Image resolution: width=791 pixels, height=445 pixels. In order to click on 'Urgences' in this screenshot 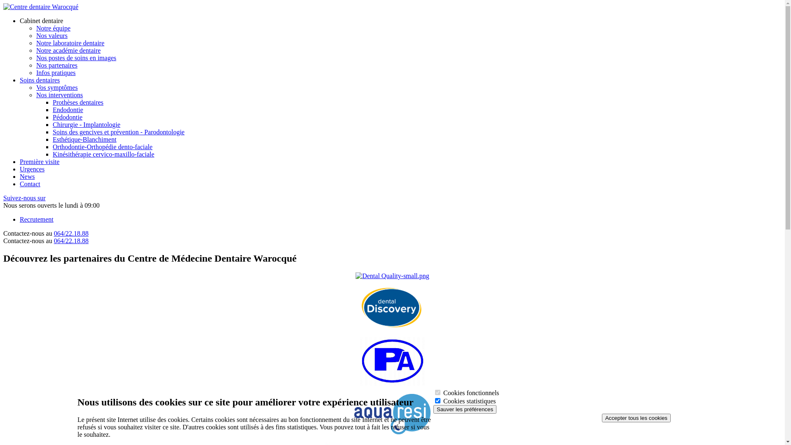, I will do `click(20, 169)`.